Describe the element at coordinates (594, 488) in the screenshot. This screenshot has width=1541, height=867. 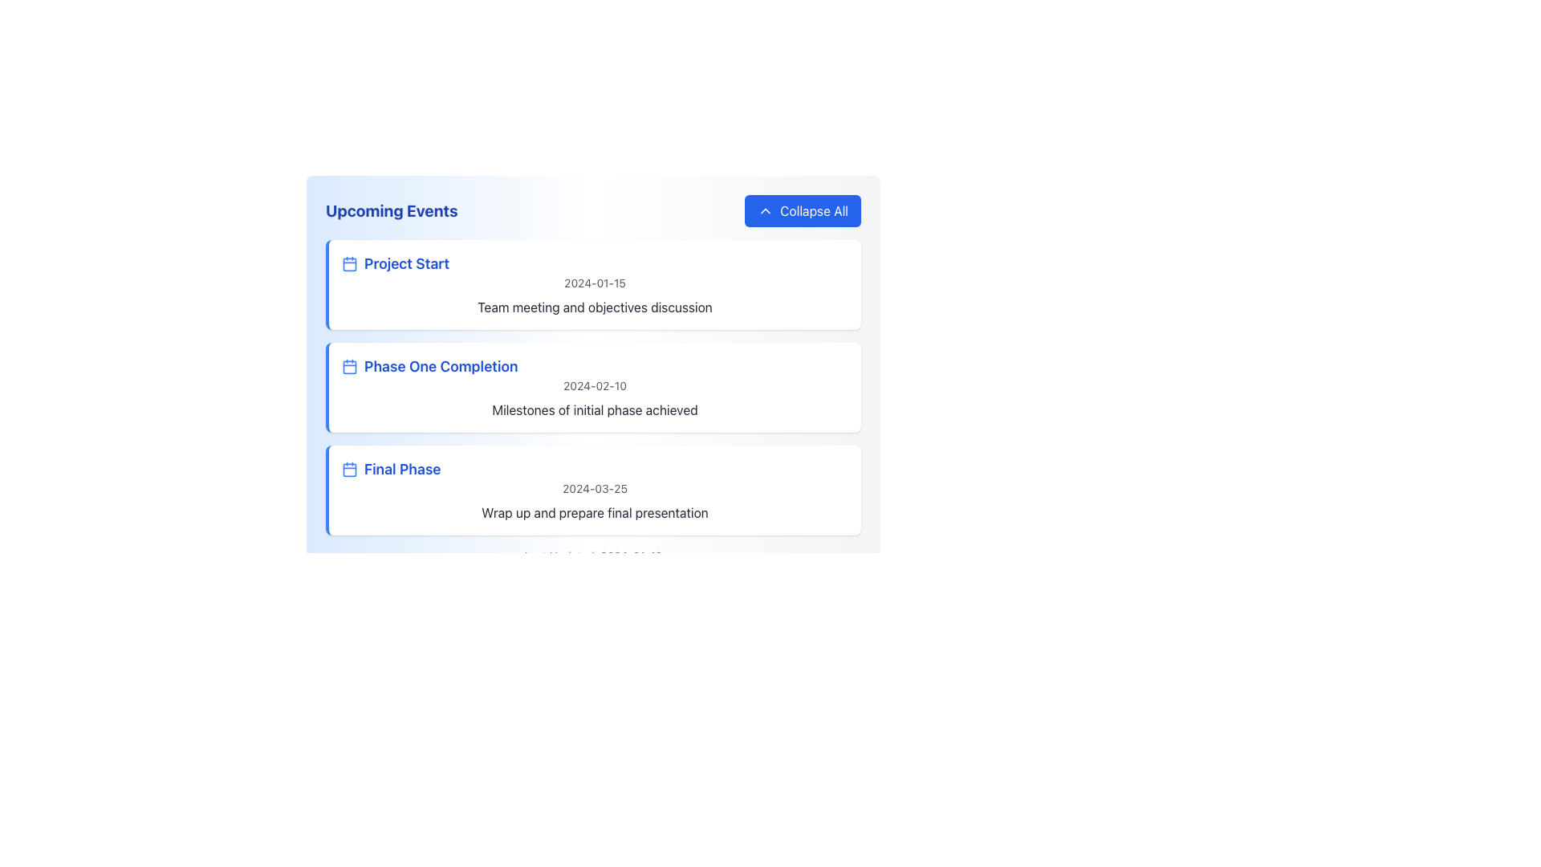
I see `the text element displaying the date '2024-03-25', which is located in the 'Final Phase' section of the event list` at that location.